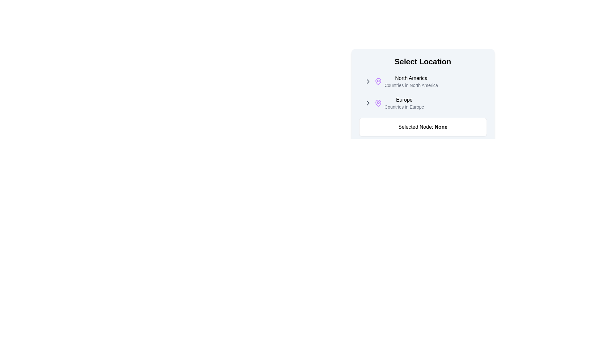 This screenshot has width=613, height=344. Describe the element at coordinates (404, 106) in the screenshot. I see `the text label displaying 'Countries in Europe', which is a smaller, light gray font positioned directly beneath the title 'Europe' in the right side panel` at that location.